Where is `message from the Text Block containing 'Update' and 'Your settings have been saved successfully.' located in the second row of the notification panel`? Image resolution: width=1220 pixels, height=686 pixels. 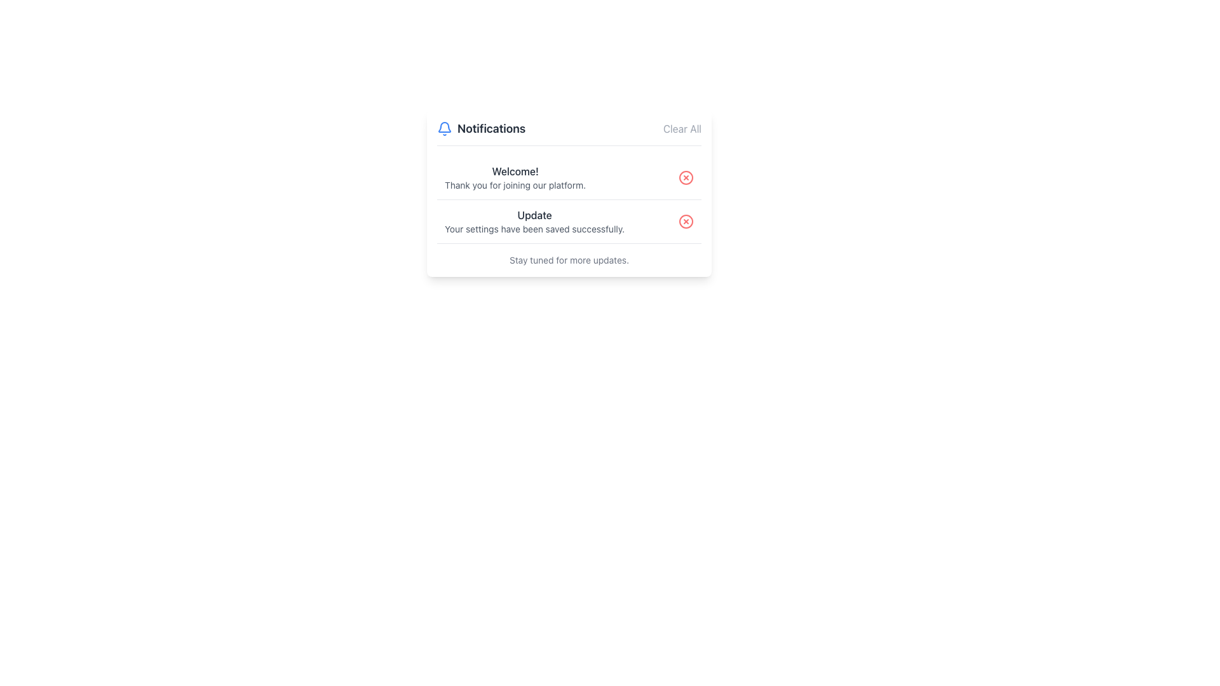 message from the Text Block containing 'Update' and 'Your settings have been saved successfully.' located in the second row of the notification panel is located at coordinates (534, 220).